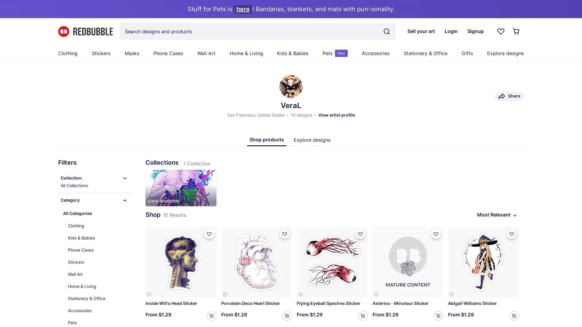  I want to click on Stationery & Office, so click(97, 298).